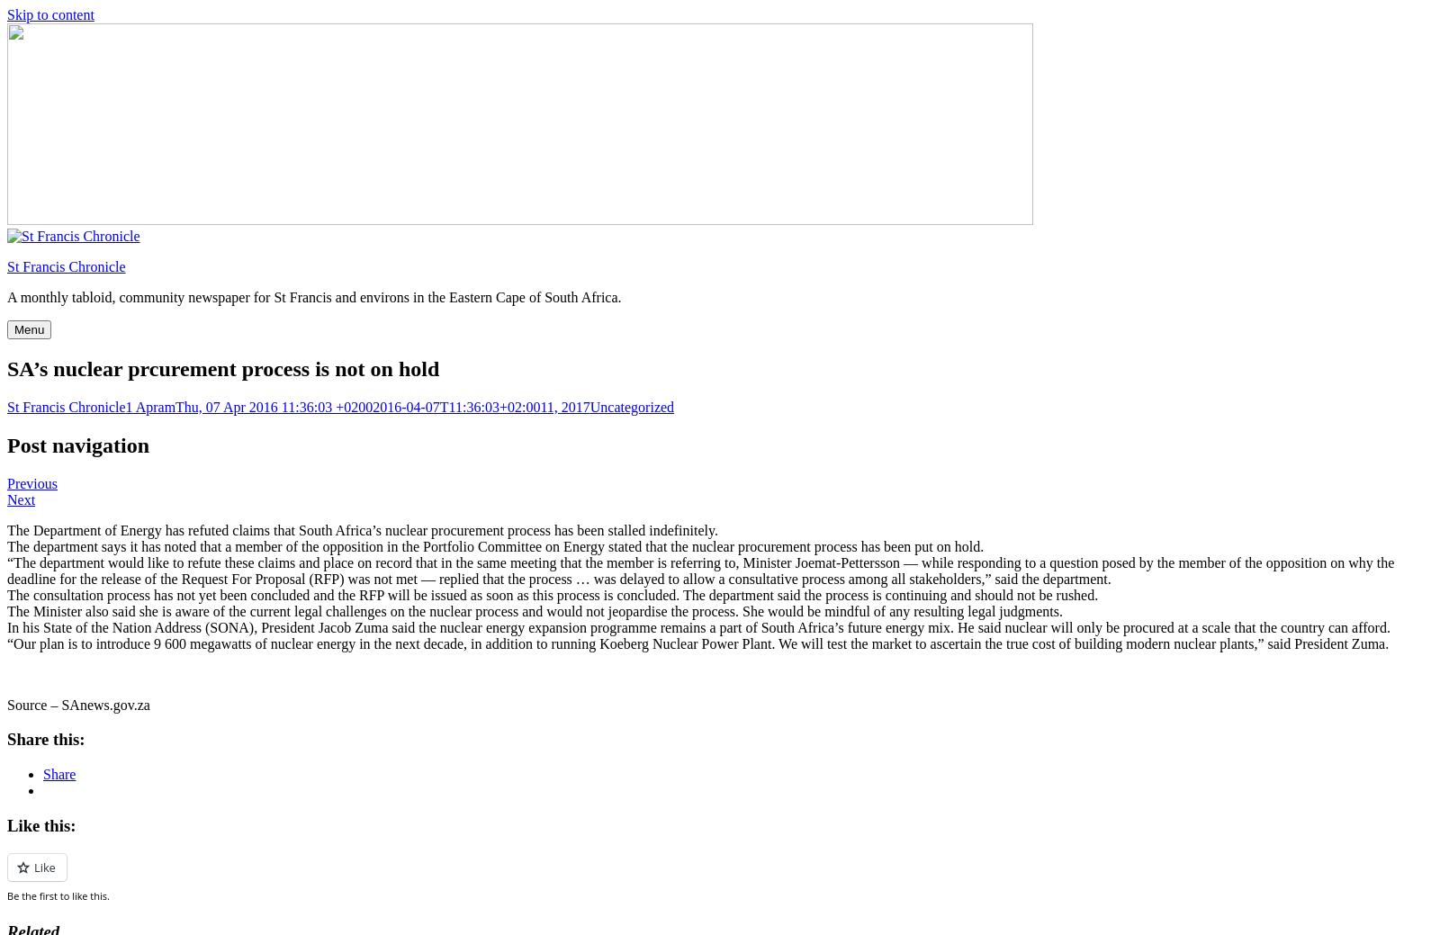 The width and height of the screenshot is (1440, 935). Describe the element at coordinates (223, 366) in the screenshot. I see `'SA’s nuclear prcurement process is not on hold'` at that location.